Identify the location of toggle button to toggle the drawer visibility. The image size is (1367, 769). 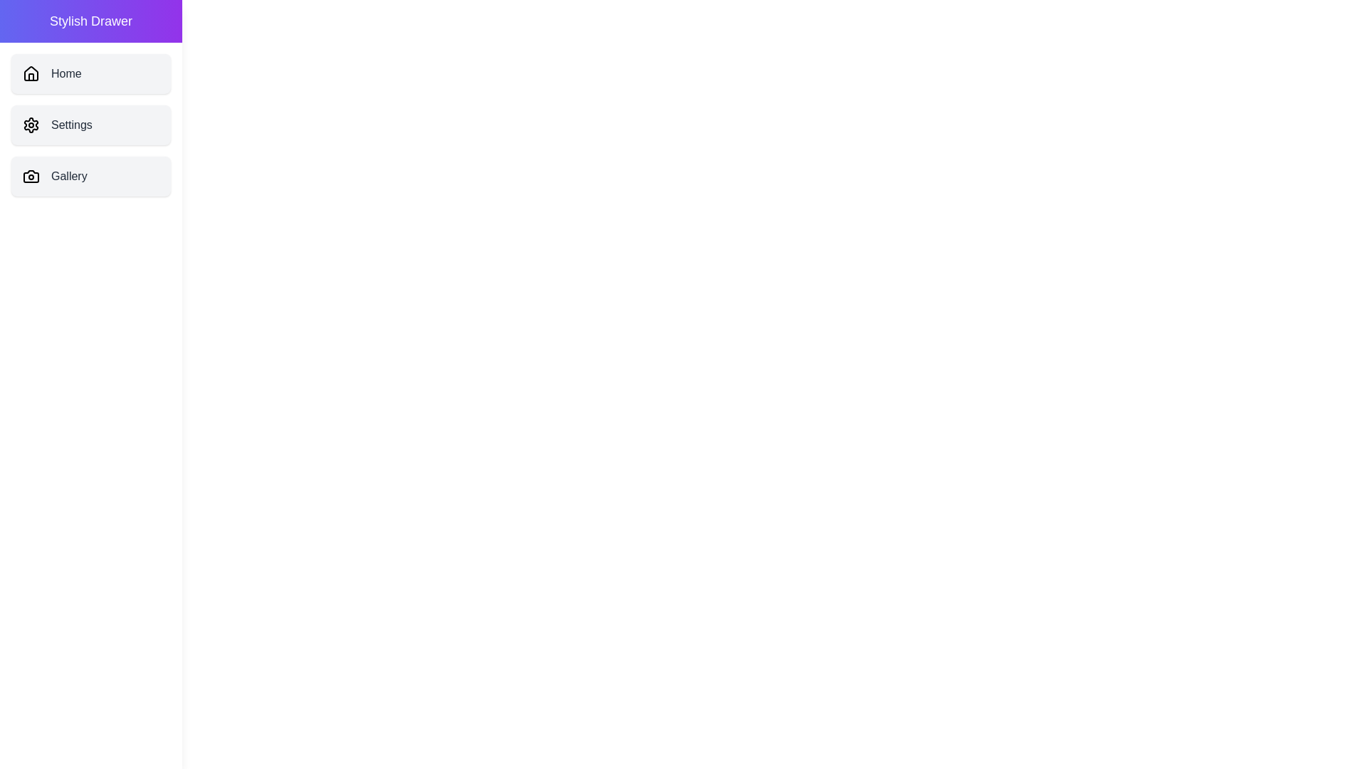
(28, 28).